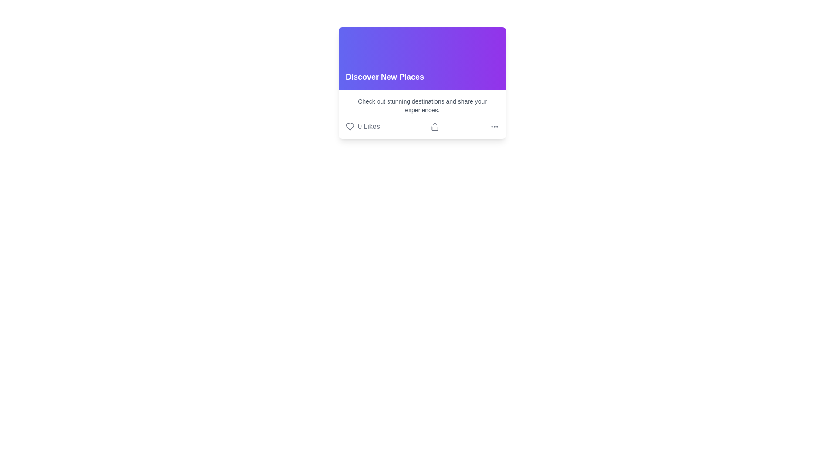  What do you see at coordinates (495, 126) in the screenshot?
I see `the circular ellipsis menu icon with three horizontally aligned dots in the lower right corner of the card interface` at bounding box center [495, 126].